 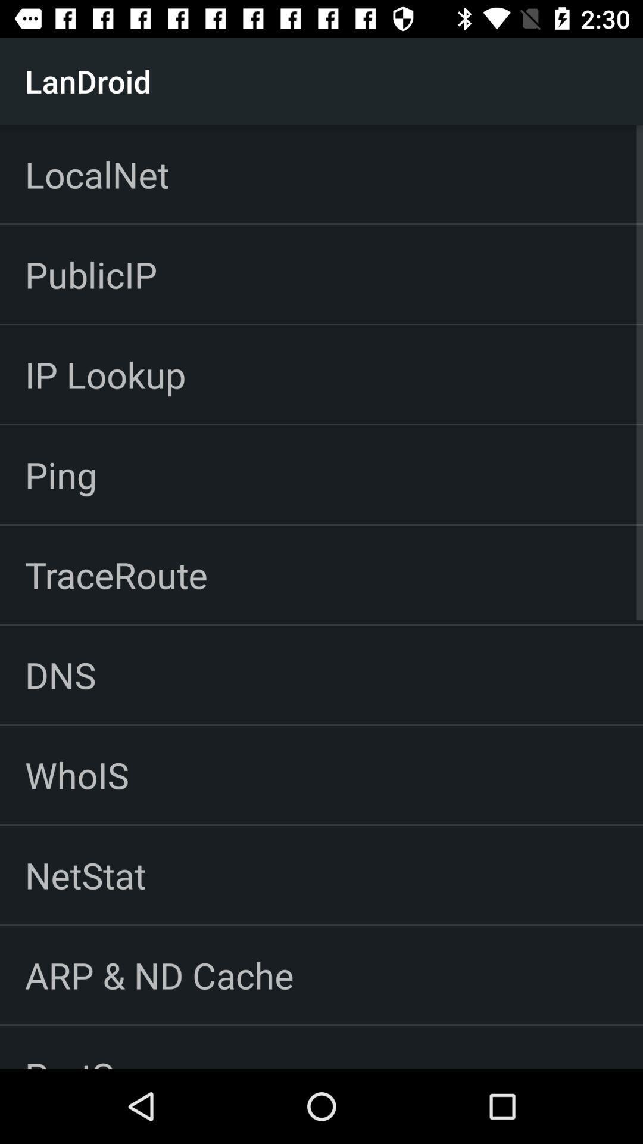 What do you see at coordinates (96, 173) in the screenshot?
I see `icon above the publicip` at bounding box center [96, 173].